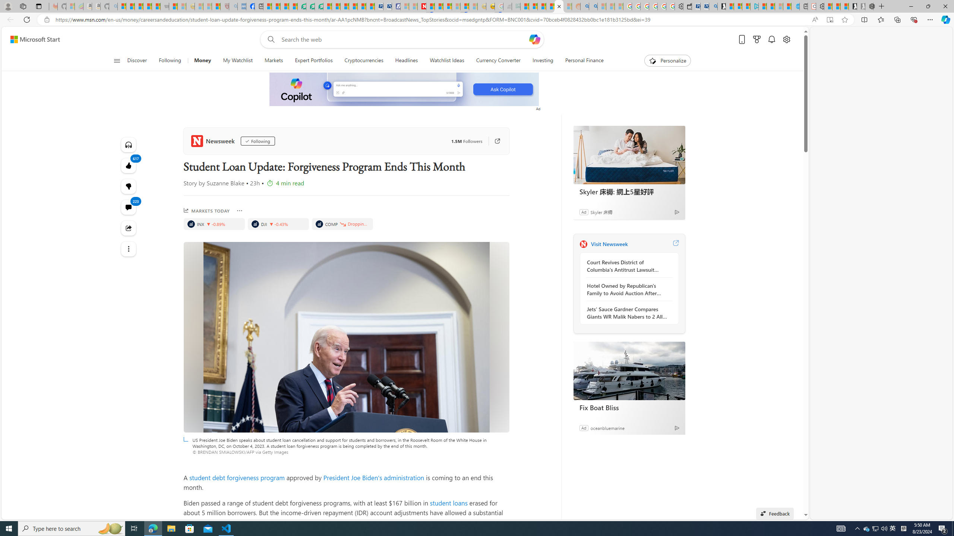 The height and width of the screenshot is (536, 954). Describe the element at coordinates (704, 6) in the screenshot. I see `'Cheap Car Rentals - Save70.com'` at that location.